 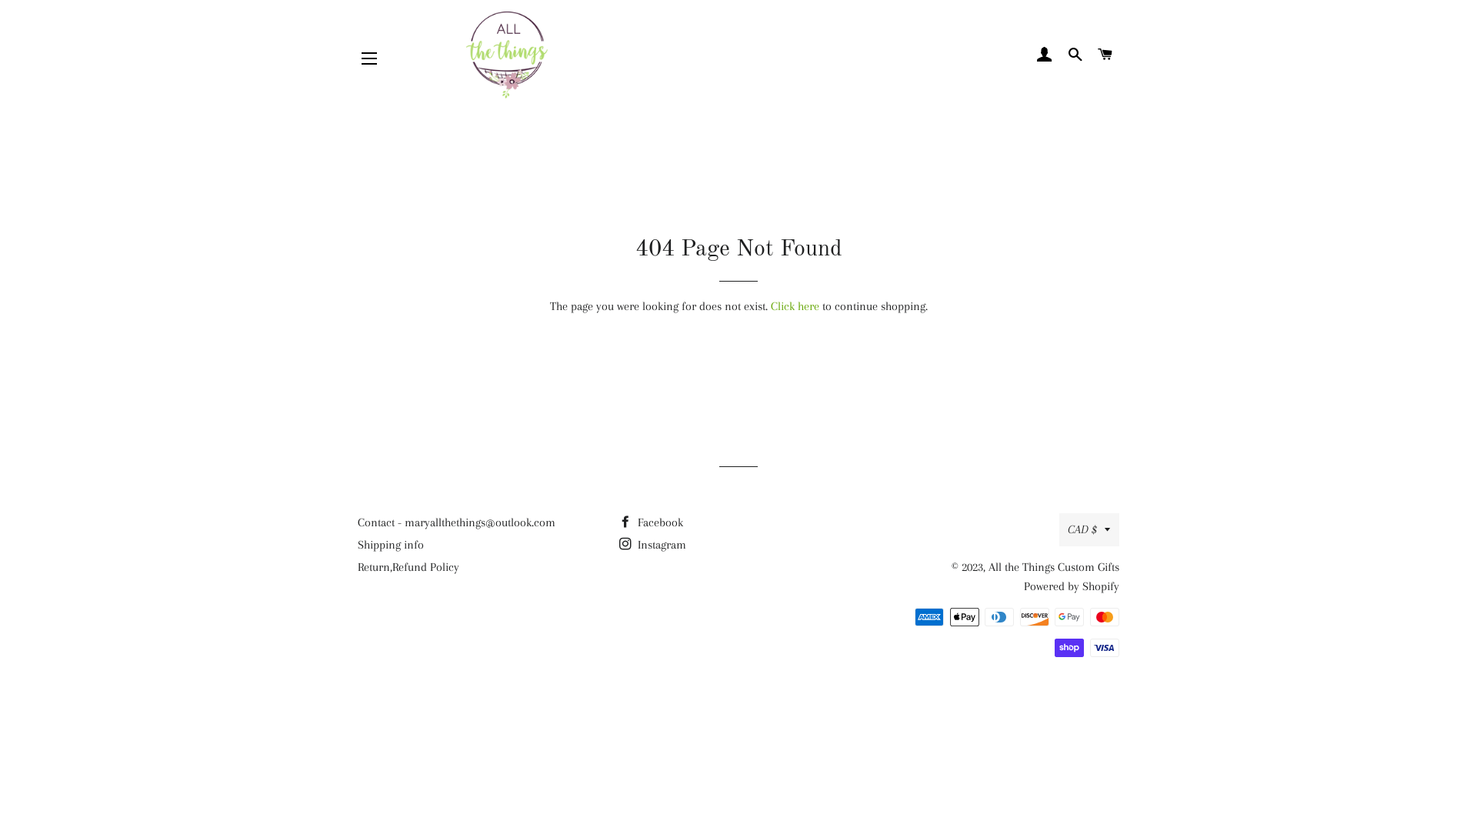 I want to click on 'Shipping info', so click(x=391, y=544).